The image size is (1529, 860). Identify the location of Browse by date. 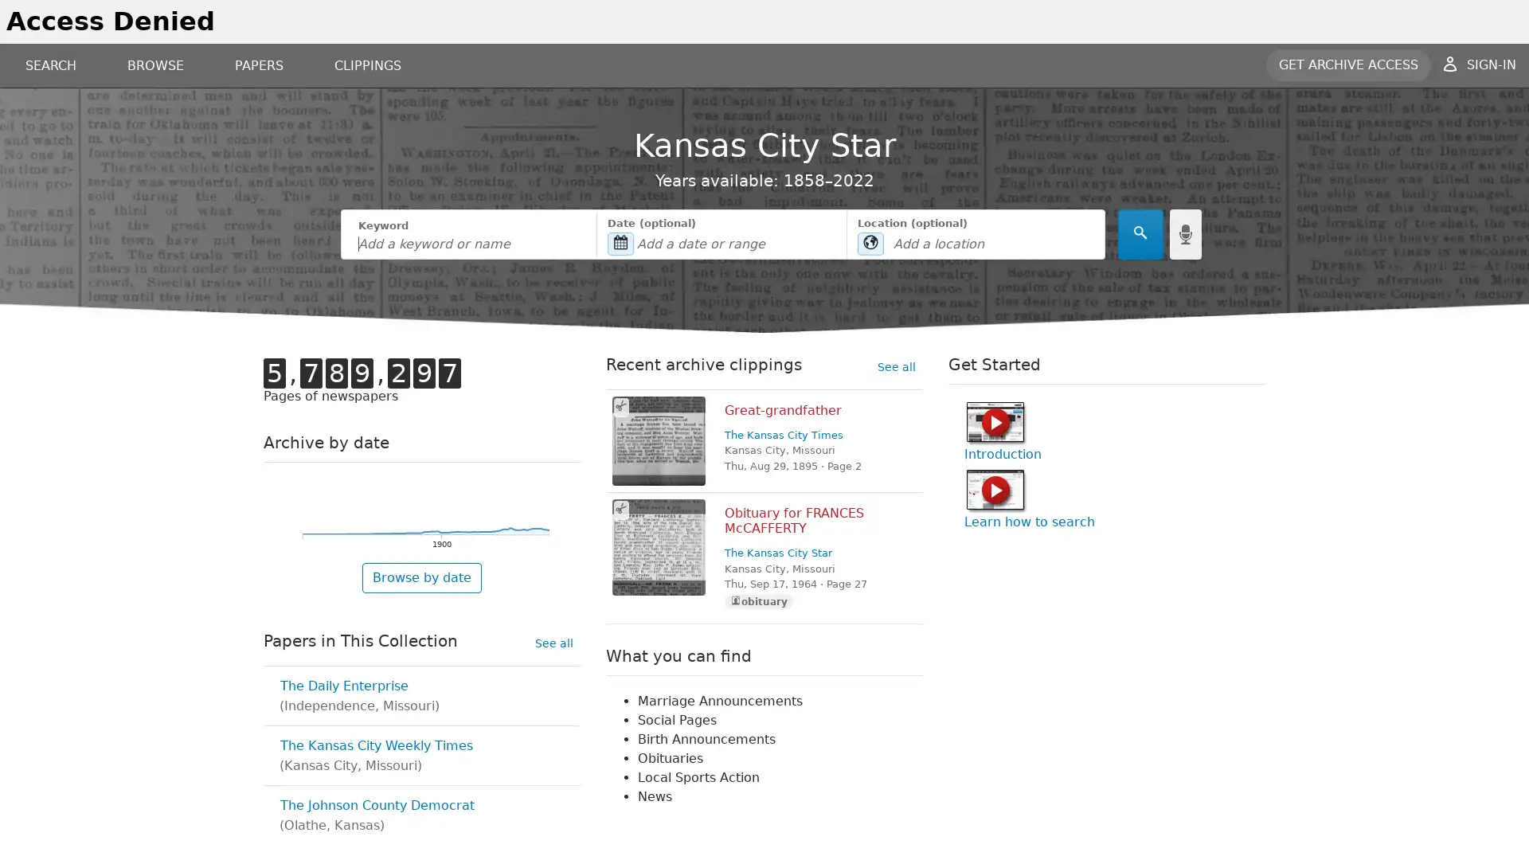
(421, 577).